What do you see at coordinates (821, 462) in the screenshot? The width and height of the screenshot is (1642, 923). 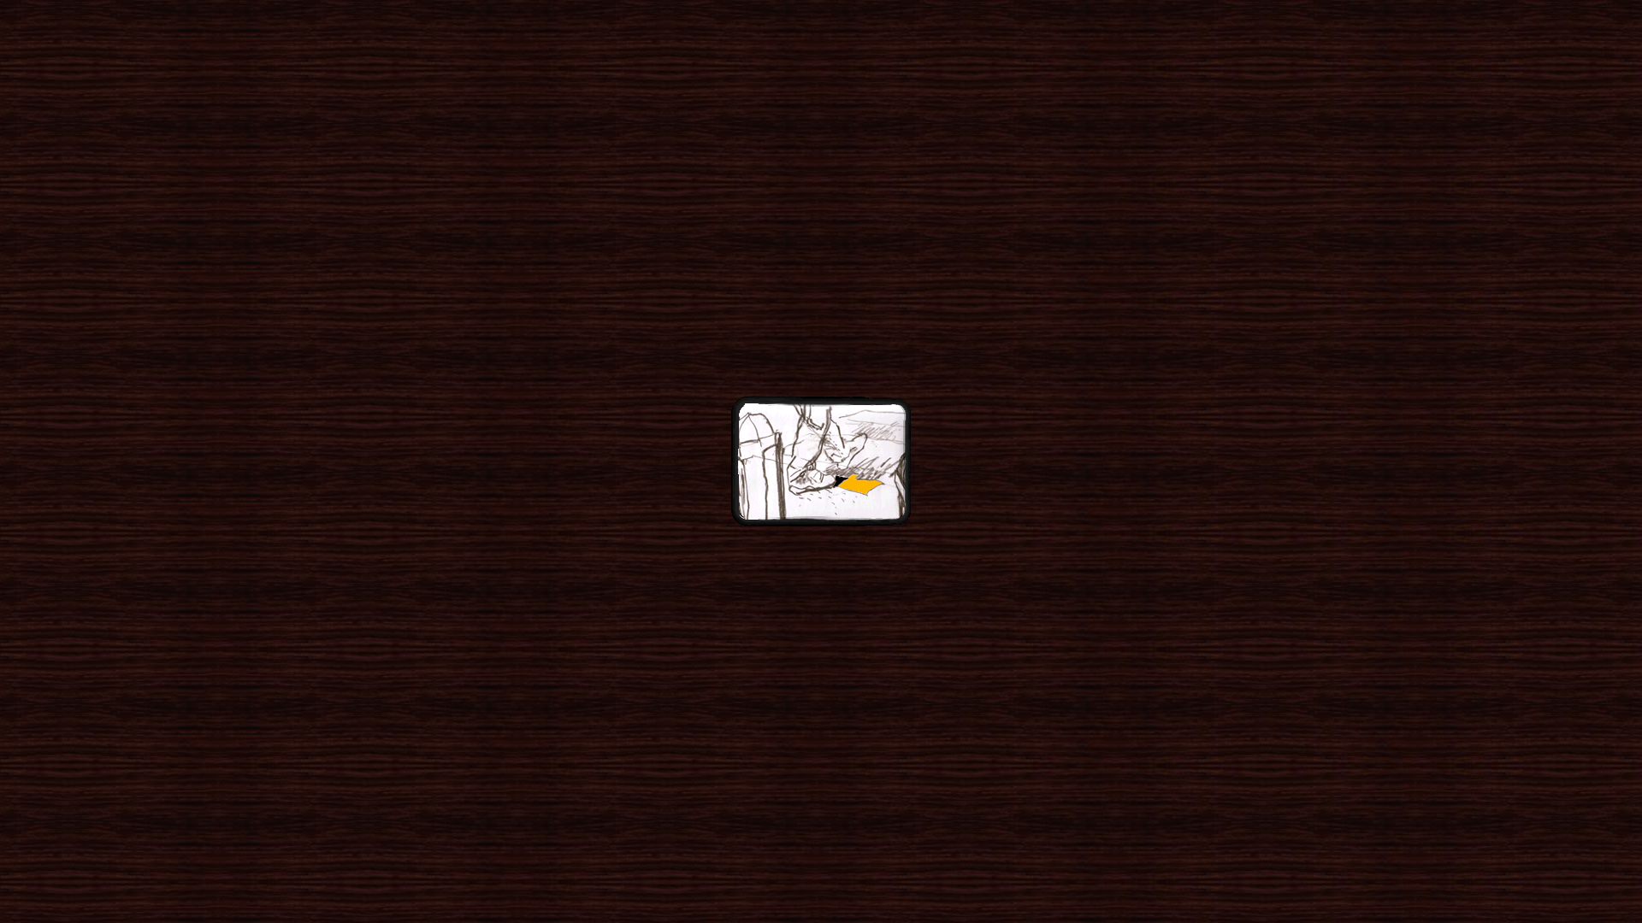 I see `'dayout'` at bounding box center [821, 462].